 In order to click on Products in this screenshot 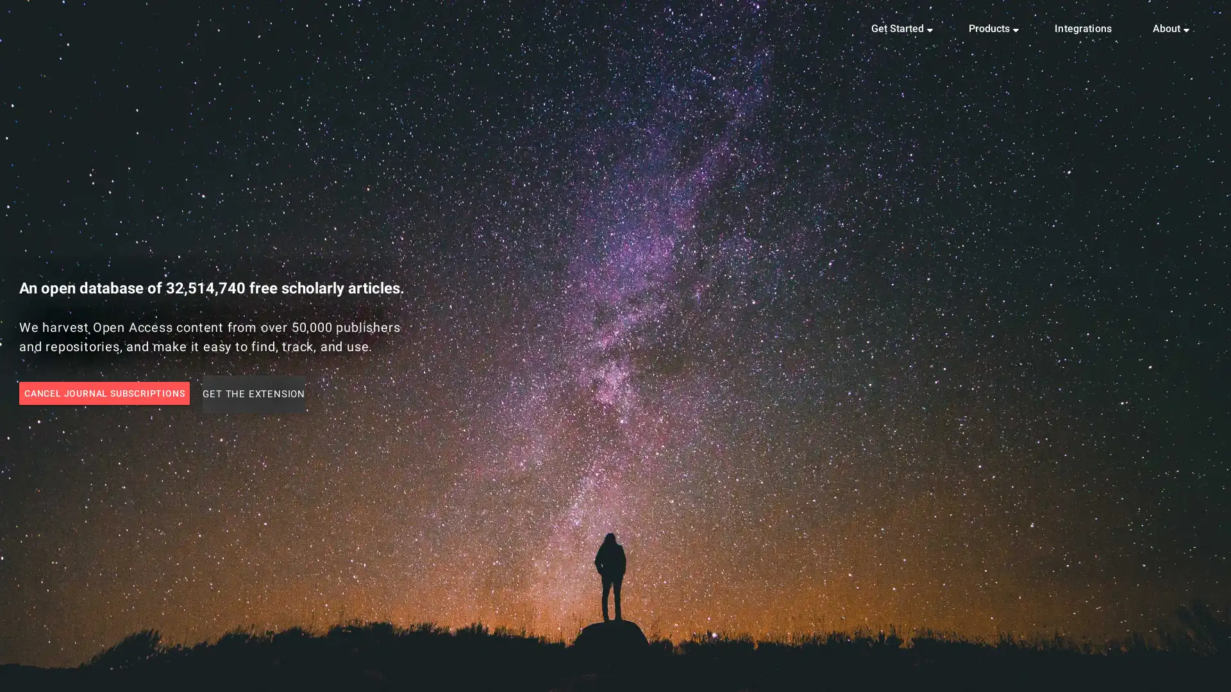, I will do `click(993, 28)`.